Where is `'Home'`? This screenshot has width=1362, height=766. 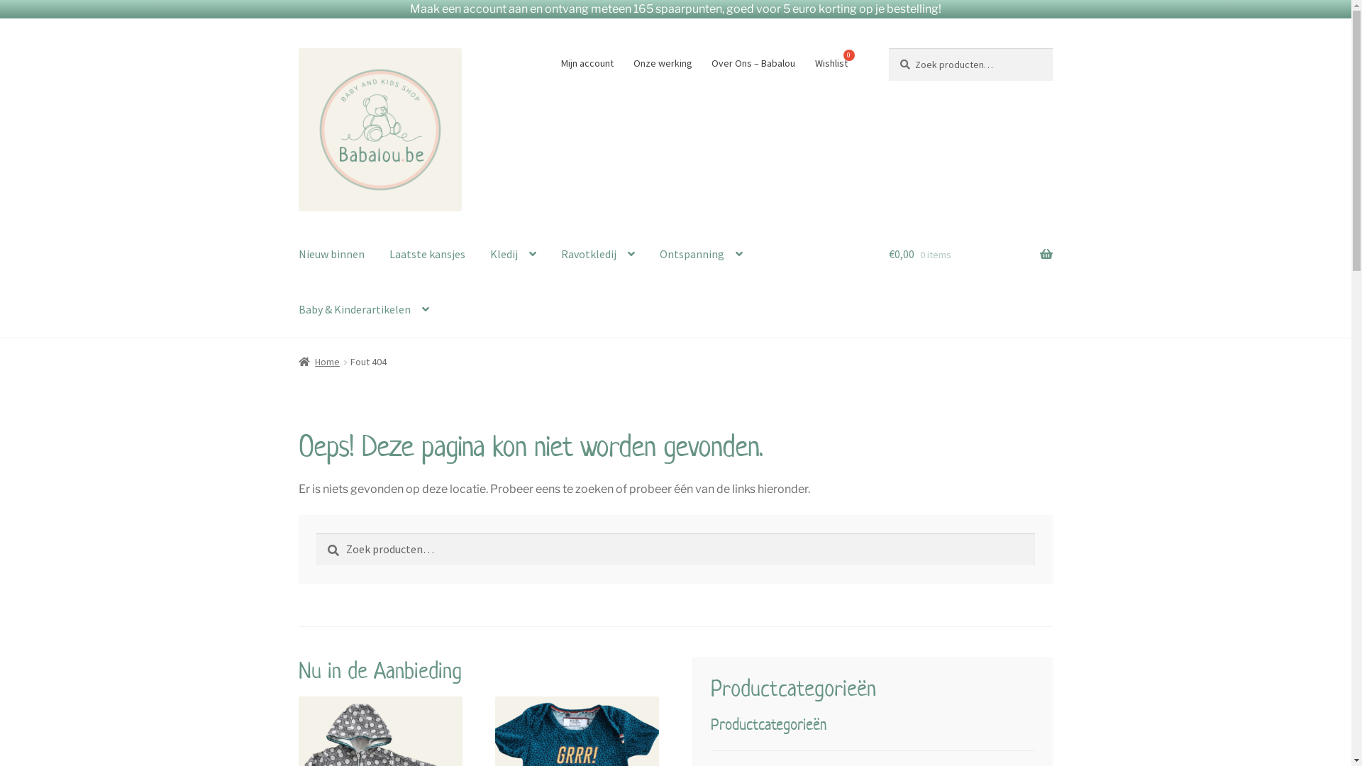 'Home' is located at coordinates (319, 360).